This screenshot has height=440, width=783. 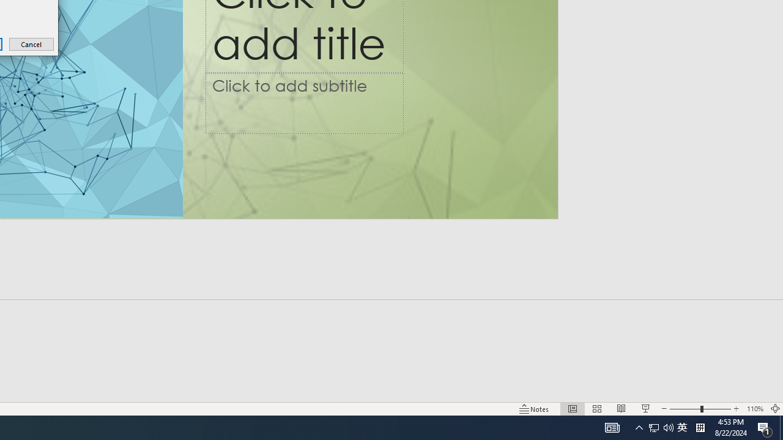 What do you see at coordinates (31, 43) in the screenshot?
I see `'Cancel'` at bounding box center [31, 43].